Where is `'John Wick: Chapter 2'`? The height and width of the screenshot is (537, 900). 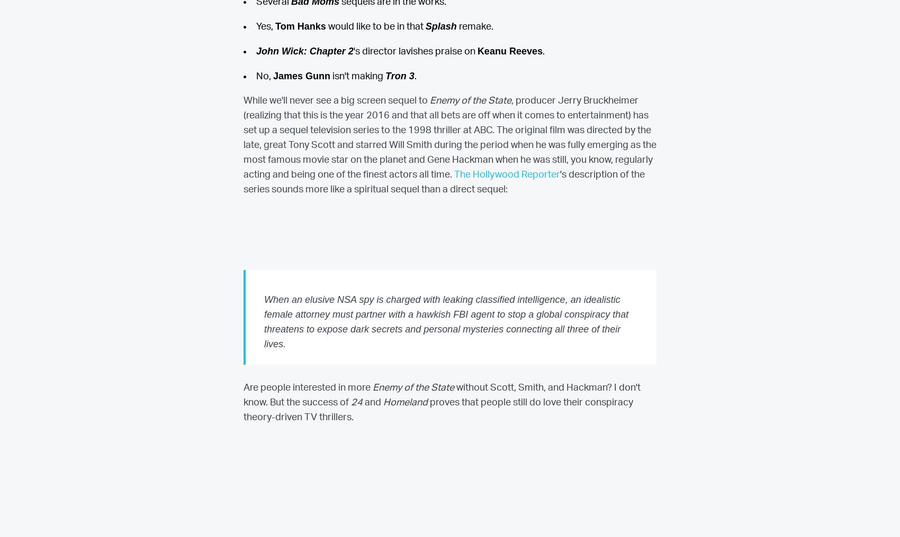 'John Wick: Chapter 2' is located at coordinates (256, 51).